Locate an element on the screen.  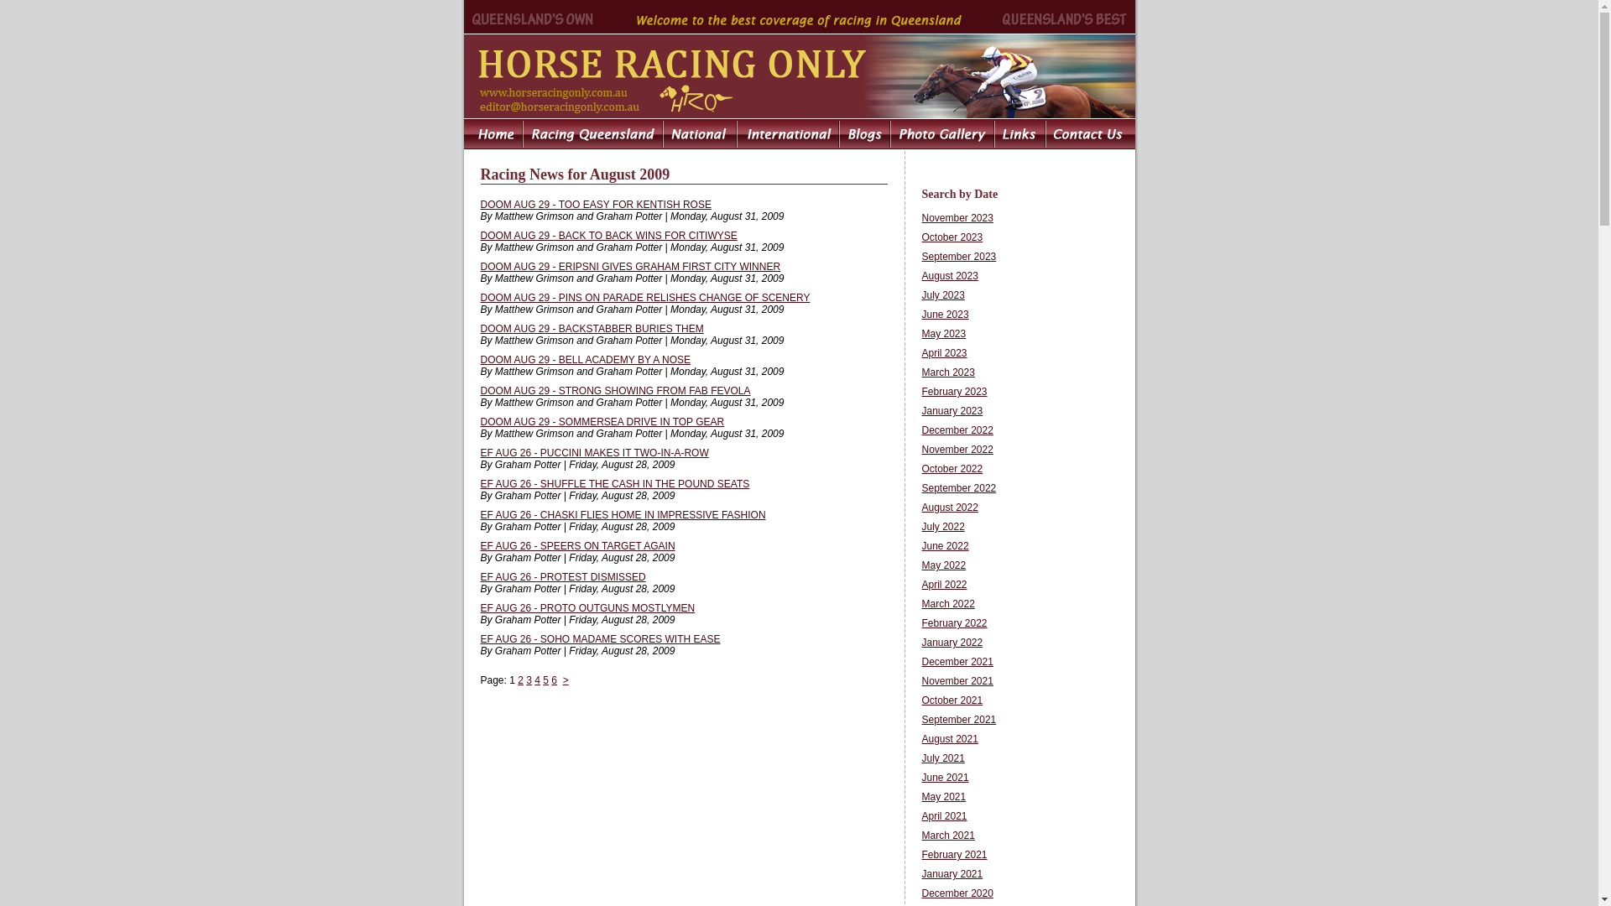
'August 2021' is located at coordinates (949, 737).